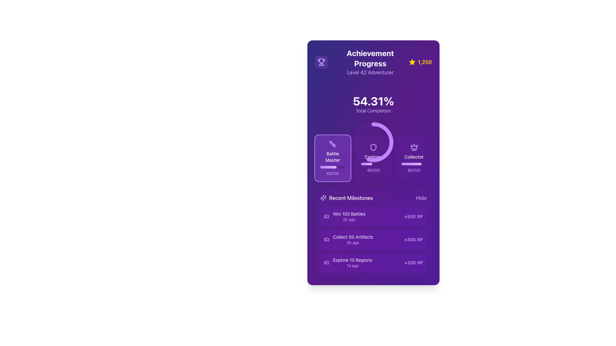 The height and width of the screenshot is (346, 616). Describe the element at coordinates (353, 243) in the screenshot. I see `information displayed in the text label that shows the time passed since 'Collect 50 Artifacts', which reads '5h ago'` at that location.